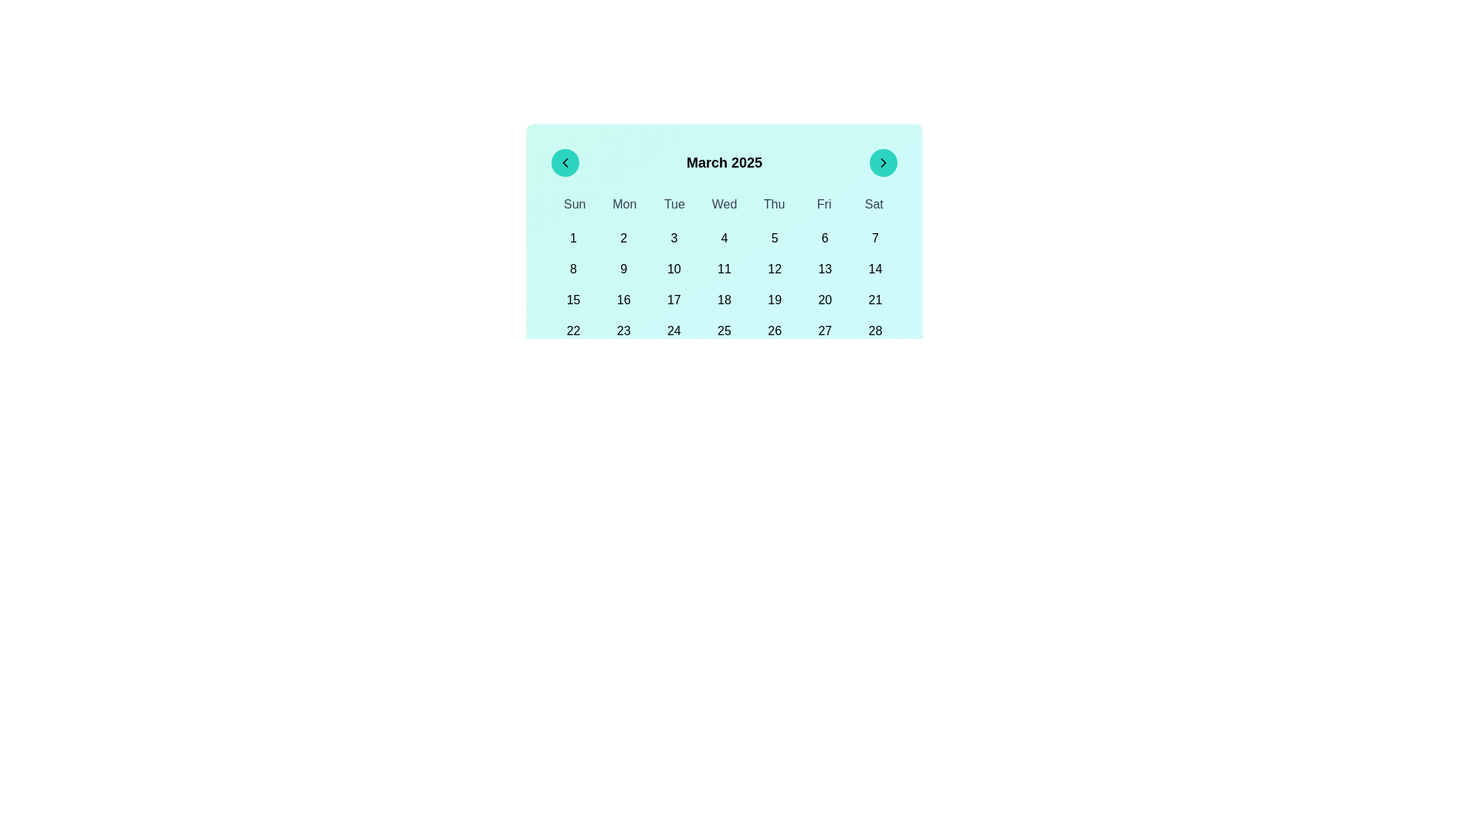 The height and width of the screenshot is (834, 1483). What do you see at coordinates (875, 330) in the screenshot?
I see `the text element displaying the number '28' in a calendar grid` at bounding box center [875, 330].